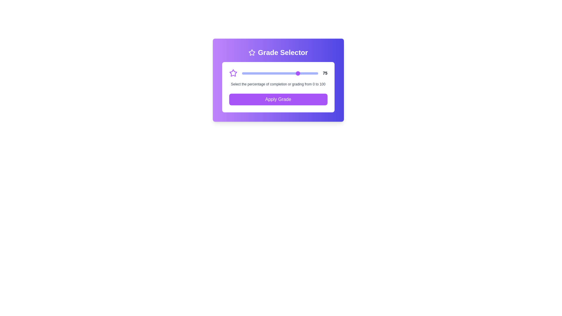 This screenshot has width=562, height=316. What do you see at coordinates (277, 73) in the screenshot?
I see `the slider's value` at bounding box center [277, 73].